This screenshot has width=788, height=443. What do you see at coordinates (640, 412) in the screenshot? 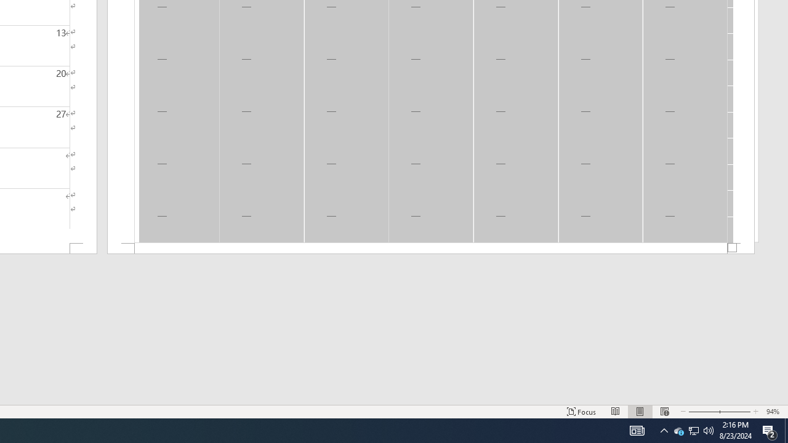
I see `'Print Layout'` at bounding box center [640, 412].